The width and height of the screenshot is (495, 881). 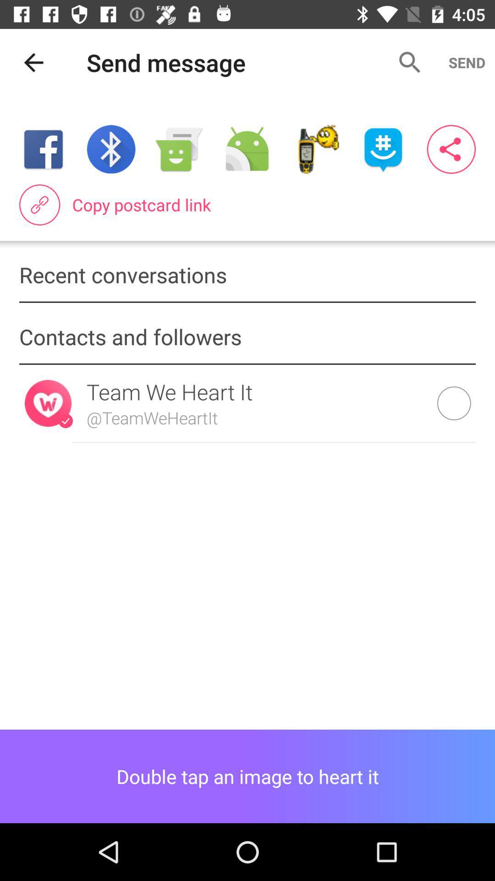 What do you see at coordinates (43, 149) in the screenshot?
I see `share through facebook option` at bounding box center [43, 149].